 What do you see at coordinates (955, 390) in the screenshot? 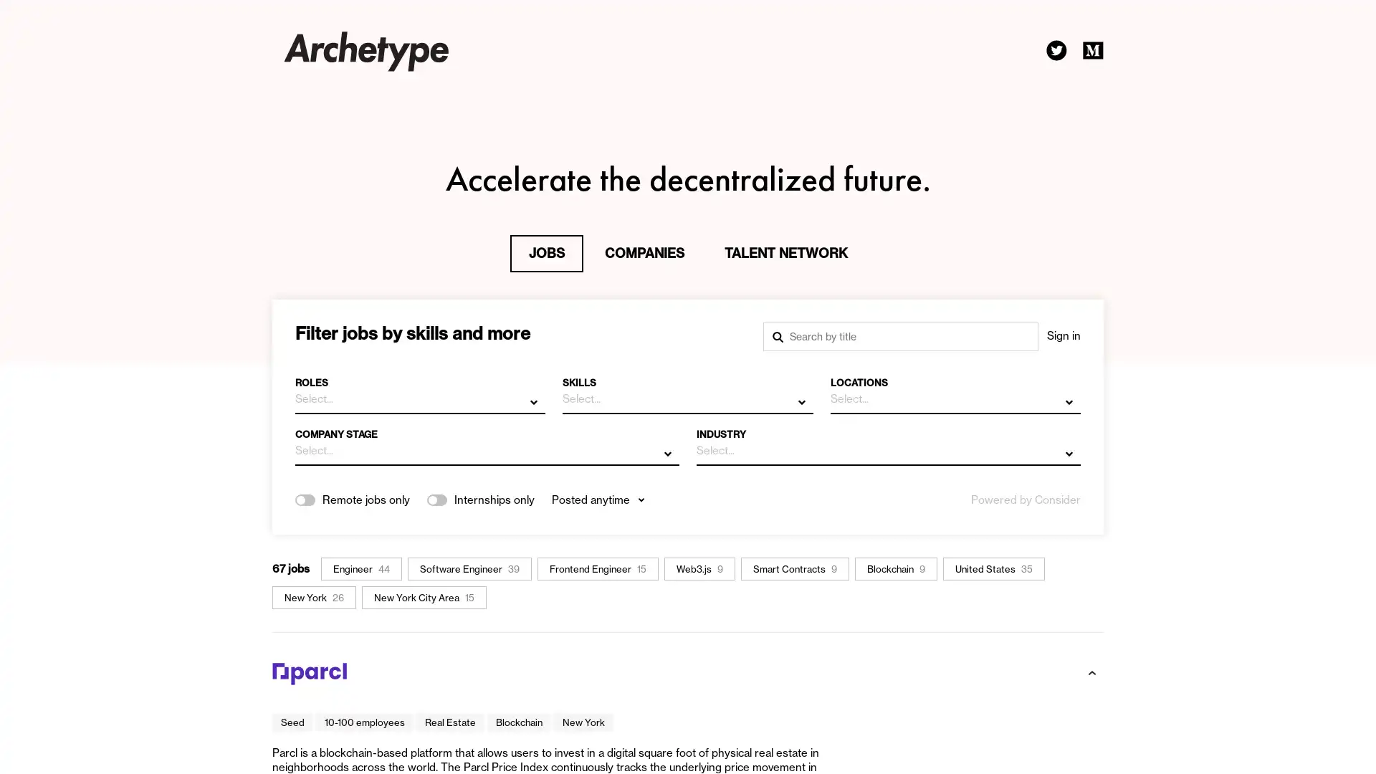
I see `LOCATIONS Select...` at bounding box center [955, 390].